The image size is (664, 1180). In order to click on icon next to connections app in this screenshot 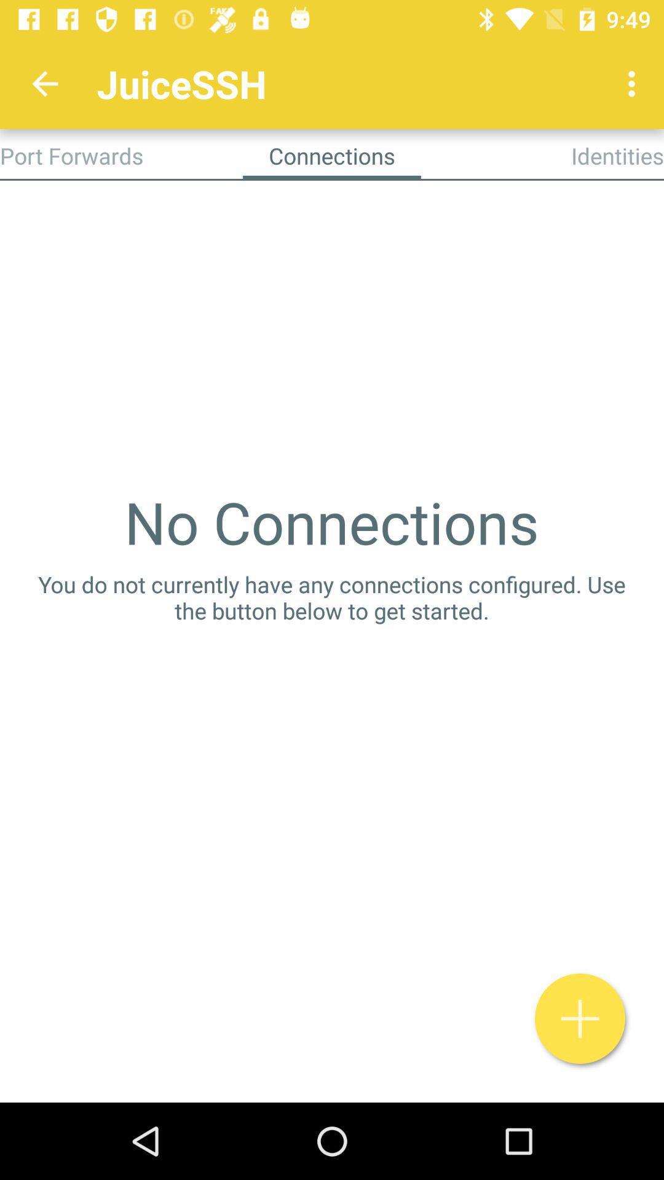, I will do `click(71, 155)`.